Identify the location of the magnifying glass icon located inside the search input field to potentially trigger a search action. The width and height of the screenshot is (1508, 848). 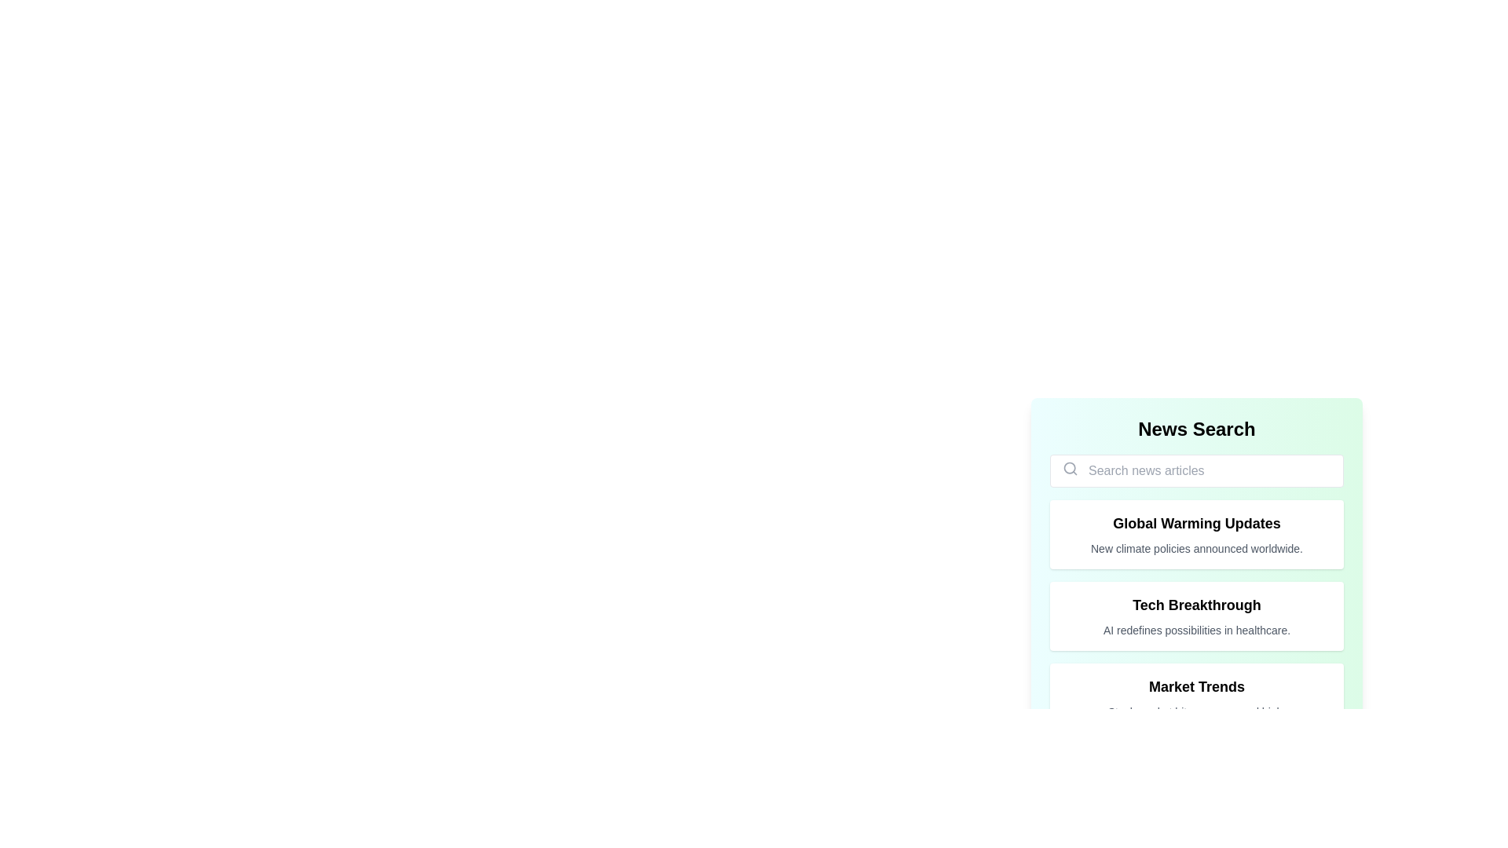
(1070, 468).